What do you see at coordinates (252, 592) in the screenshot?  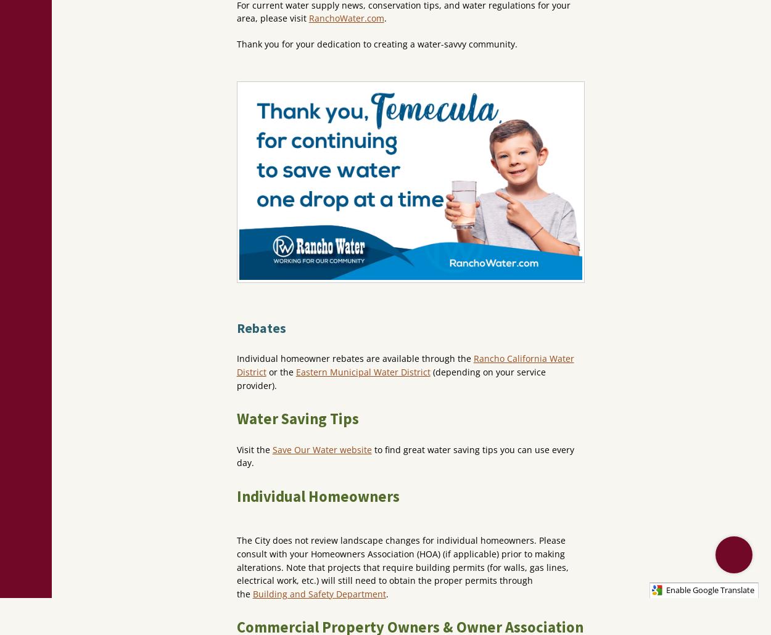 I see `'Building and Safety Department'` at bounding box center [252, 592].